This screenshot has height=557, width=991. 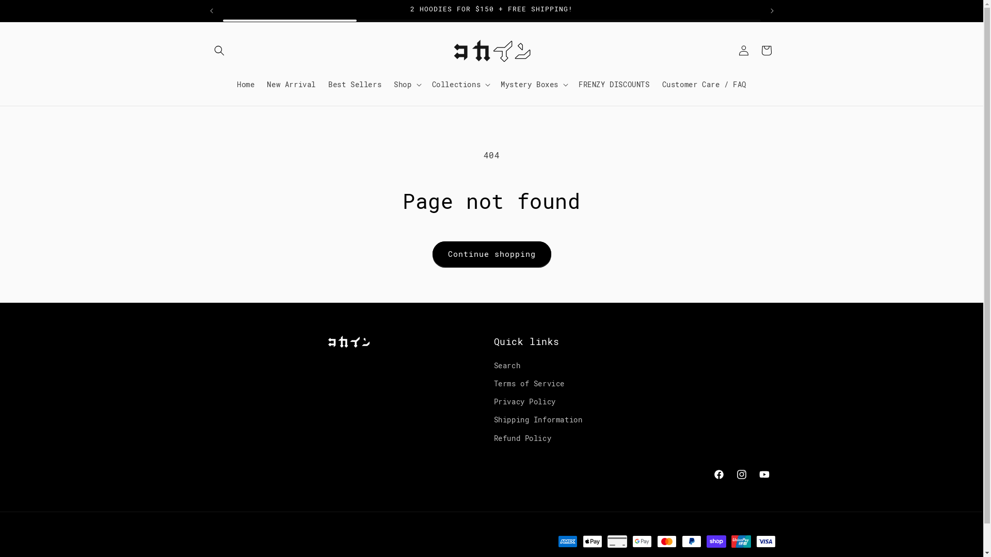 What do you see at coordinates (524, 401) in the screenshot?
I see `'Privacy Policy'` at bounding box center [524, 401].